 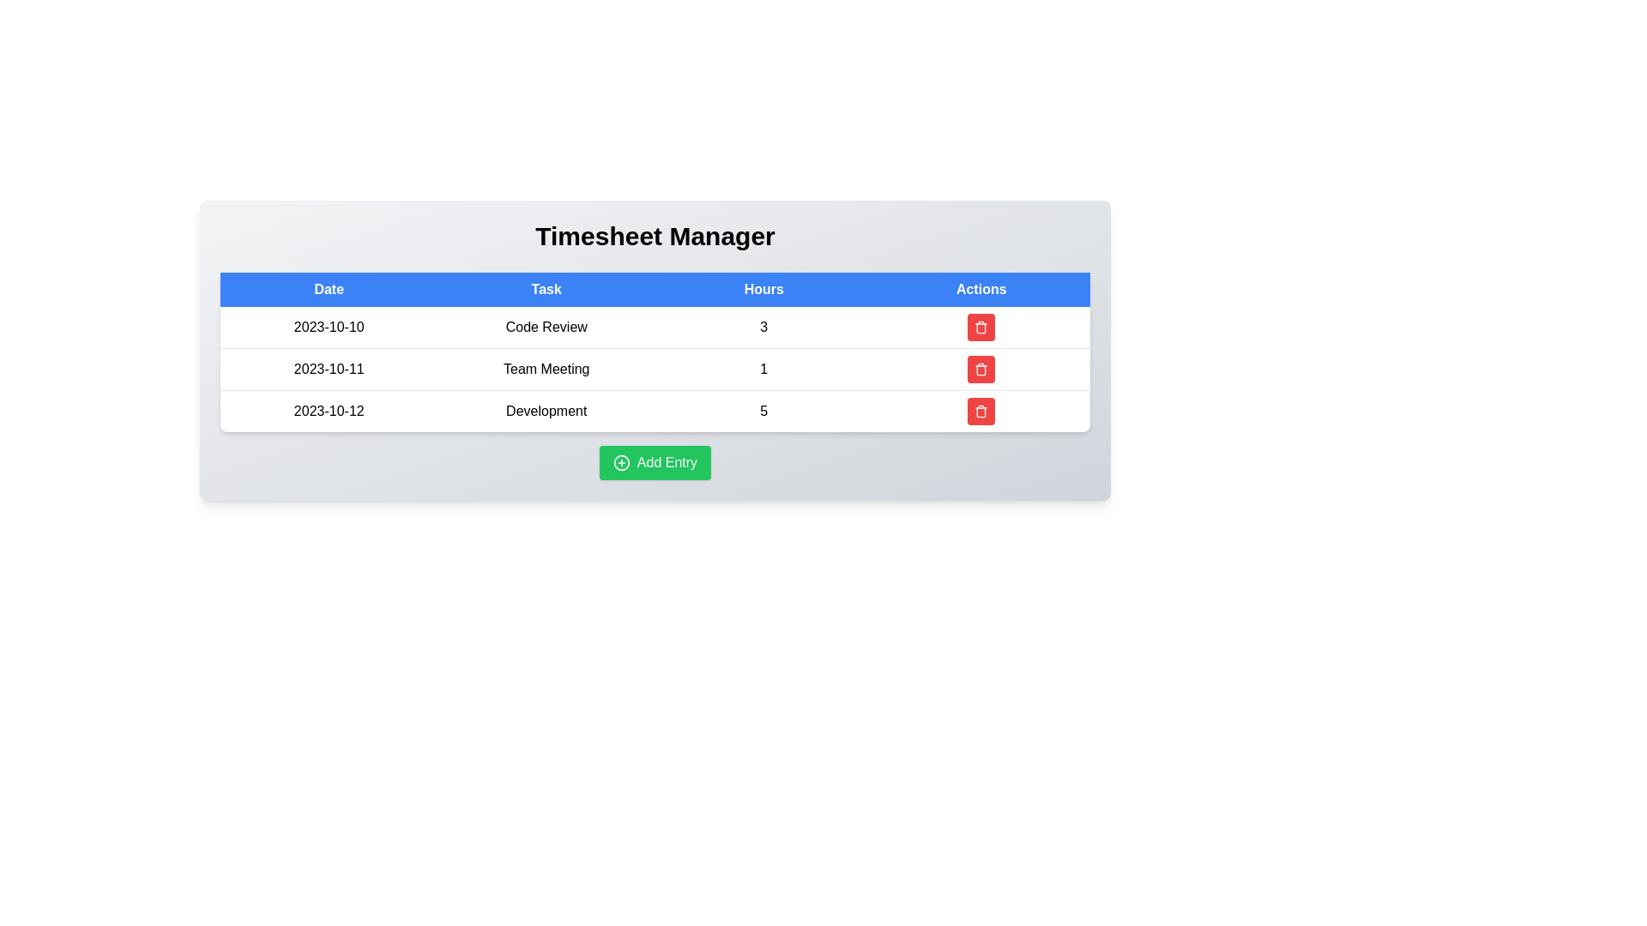 What do you see at coordinates (654, 328) in the screenshot?
I see `the first row of the table, which contains the date '2023-10-10', the text 'Code Review', the number '3', and a trash icon button` at bounding box center [654, 328].